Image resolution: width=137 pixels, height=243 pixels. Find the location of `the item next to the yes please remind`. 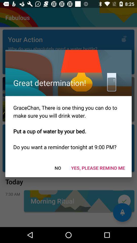

the item next to the yes please remind is located at coordinates (57, 168).